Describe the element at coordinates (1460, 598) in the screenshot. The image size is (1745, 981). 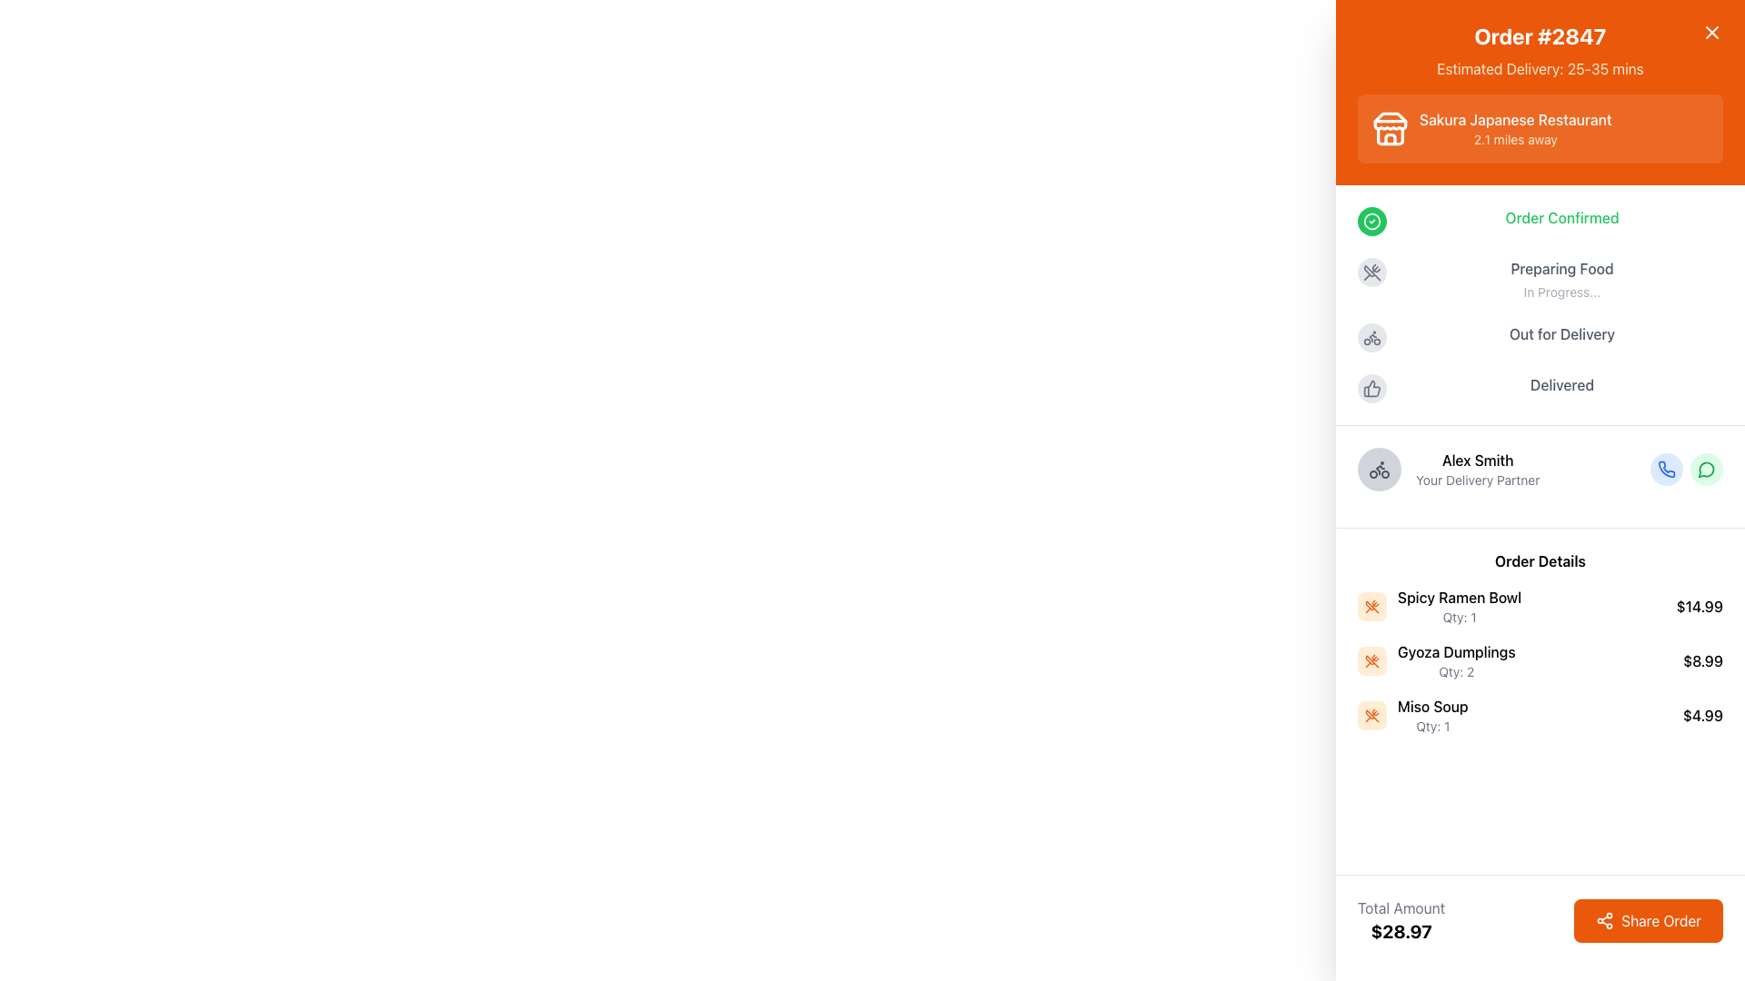
I see `the text label 'Spicy Ramen Bowl' located in the 'Order Details' section` at that location.